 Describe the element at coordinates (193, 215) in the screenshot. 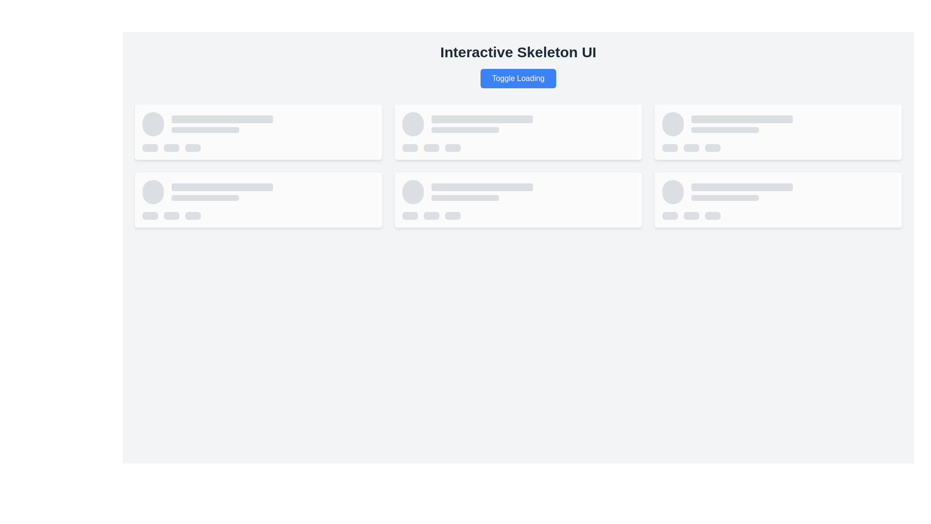

I see `the third button in a horizontal group of buttons that has a neutral gray background and is currently disabled` at that location.